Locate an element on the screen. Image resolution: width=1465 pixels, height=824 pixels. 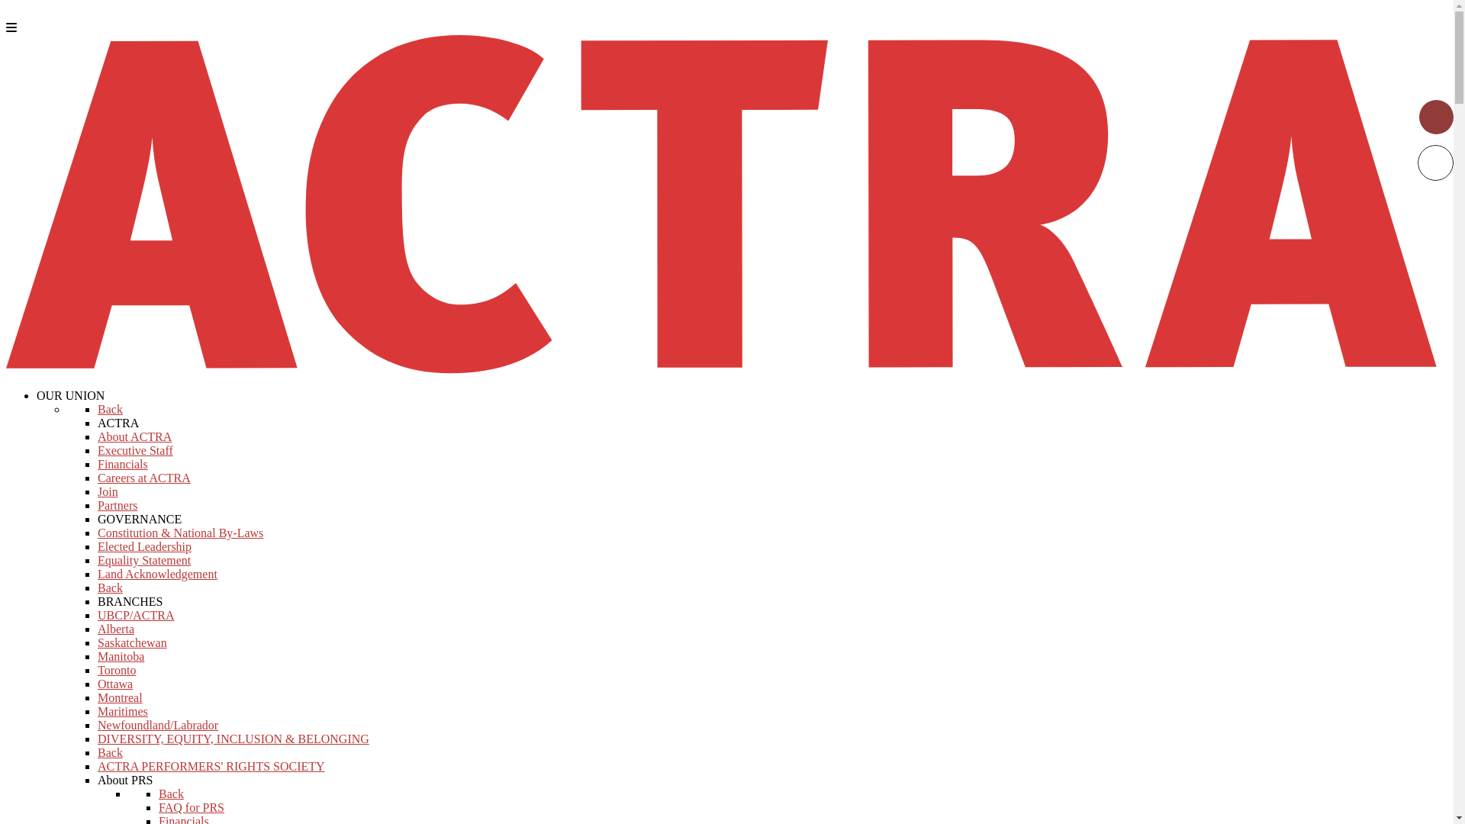
'Partners' is located at coordinates (116, 505).